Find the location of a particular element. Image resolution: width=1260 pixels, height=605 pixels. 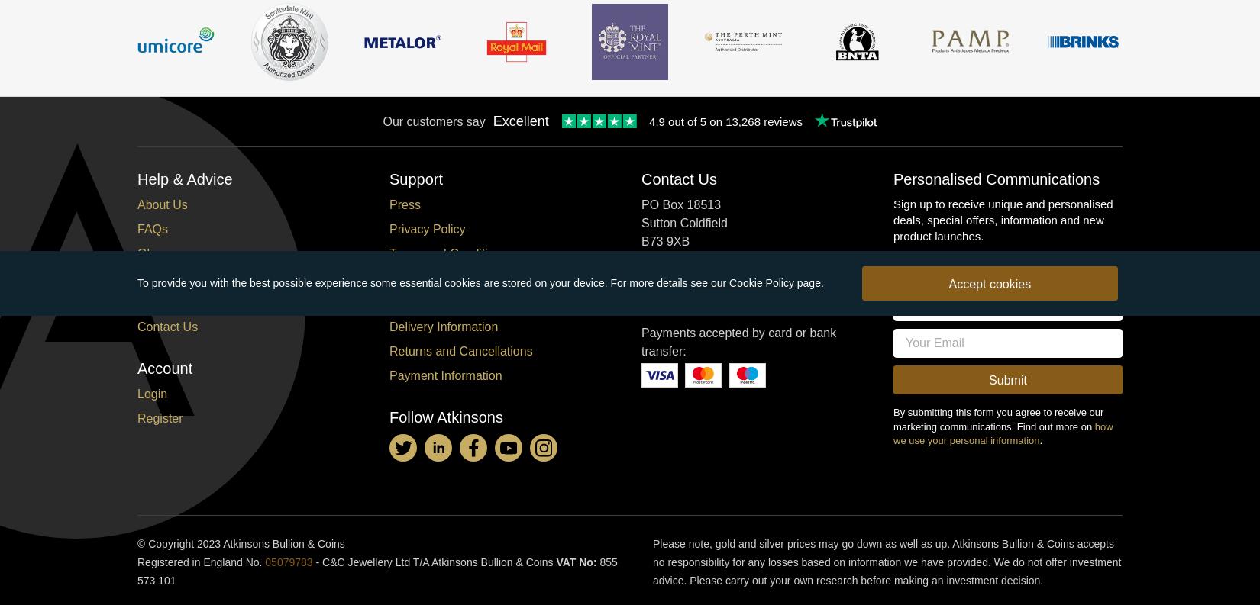

'© Copyright 2023 Atkinsons Bullion & Coins' is located at coordinates (241, 542).